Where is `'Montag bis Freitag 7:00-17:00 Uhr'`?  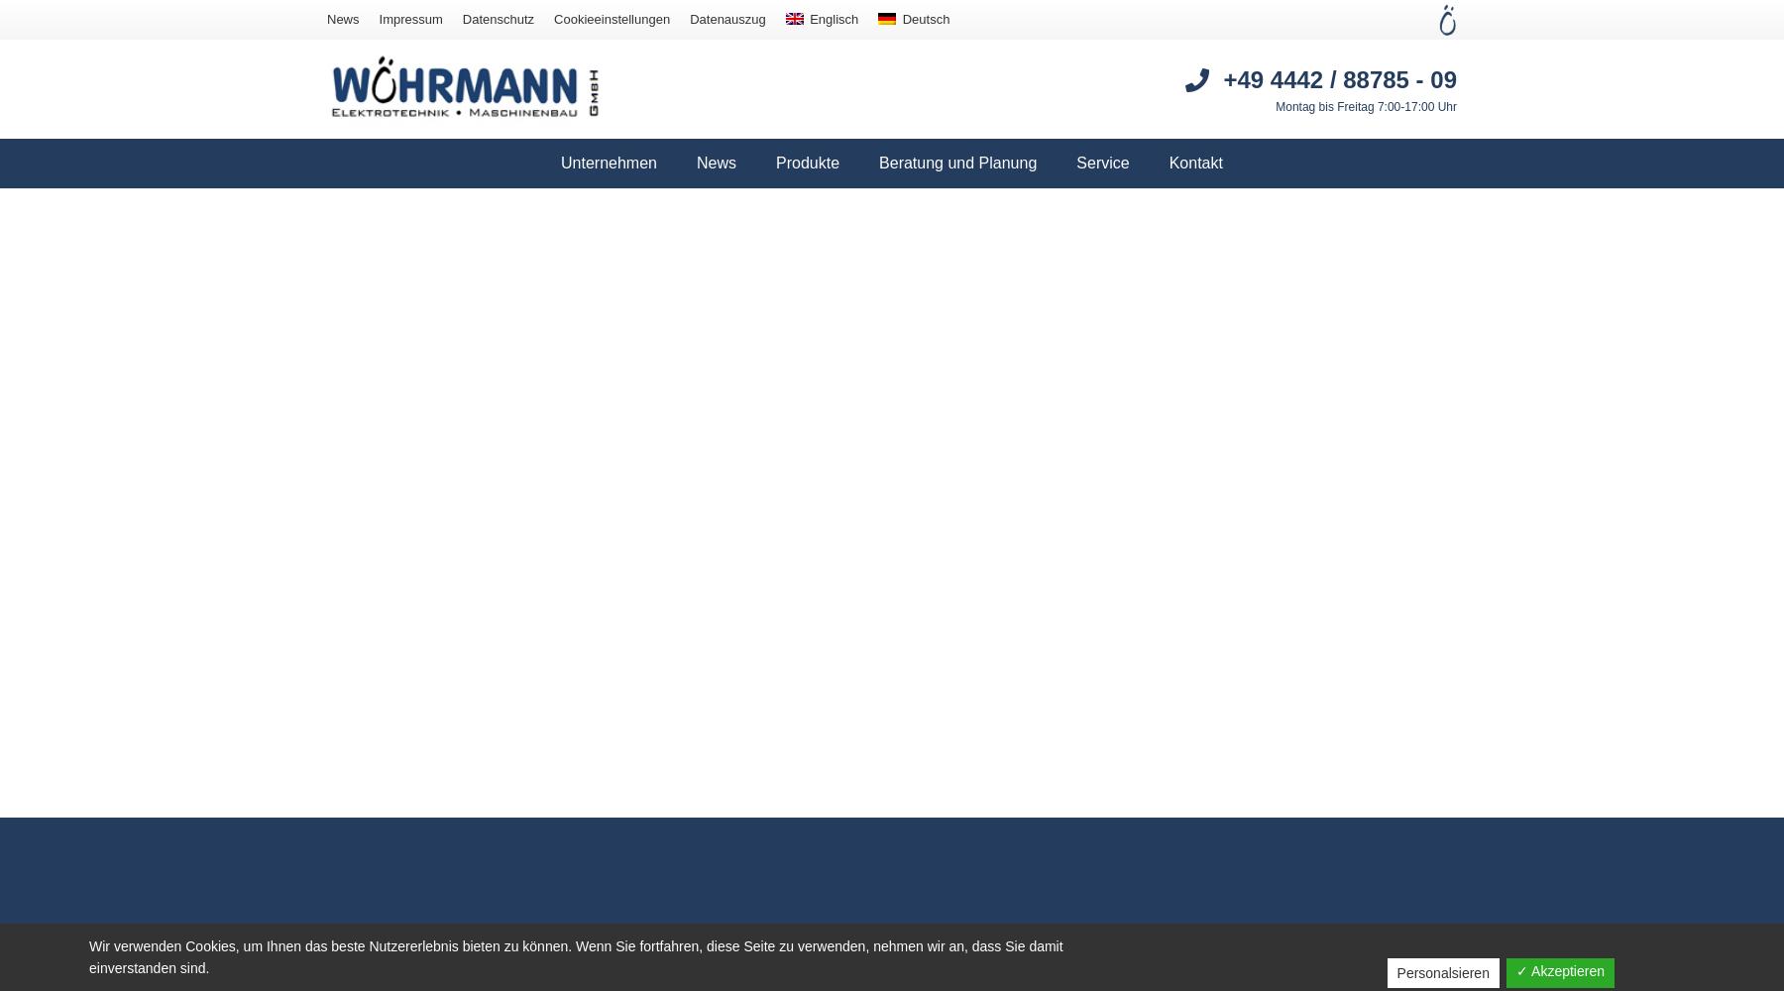
'Montag bis Freitag 7:00-17:00 Uhr' is located at coordinates (1276, 106).